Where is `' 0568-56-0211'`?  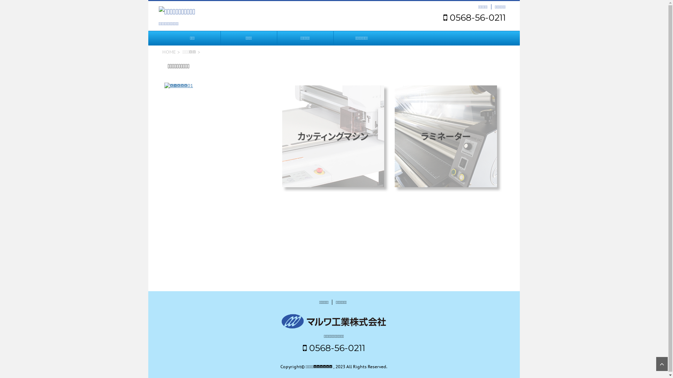
' 0568-56-0211' is located at coordinates (474, 17).